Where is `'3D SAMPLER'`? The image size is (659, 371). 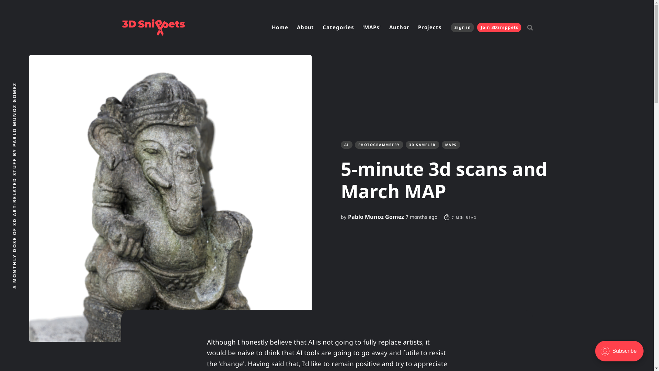
'3D SAMPLER' is located at coordinates (422, 144).